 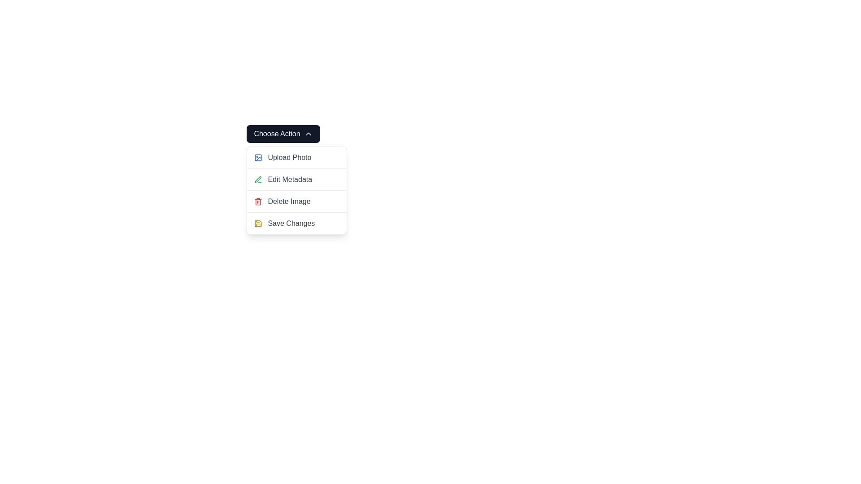 What do you see at coordinates (297, 223) in the screenshot?
I see `the 'Save Changes' button located as the last item in the dropdown menu, positioned below the 'Delete Image' option` at bounding box center [297, 223].